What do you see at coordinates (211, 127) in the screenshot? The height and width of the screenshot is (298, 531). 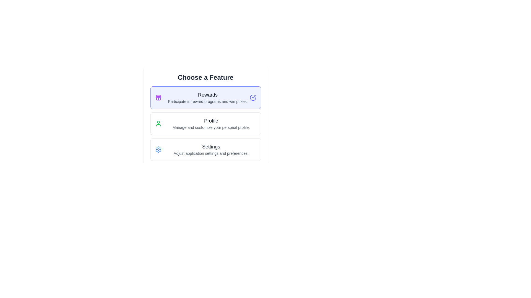 I see `the informational text located beneath the 'Profile' section title, which provides details about the features or actions associated with the 'Profile' section` at bounding box center [211, 127].